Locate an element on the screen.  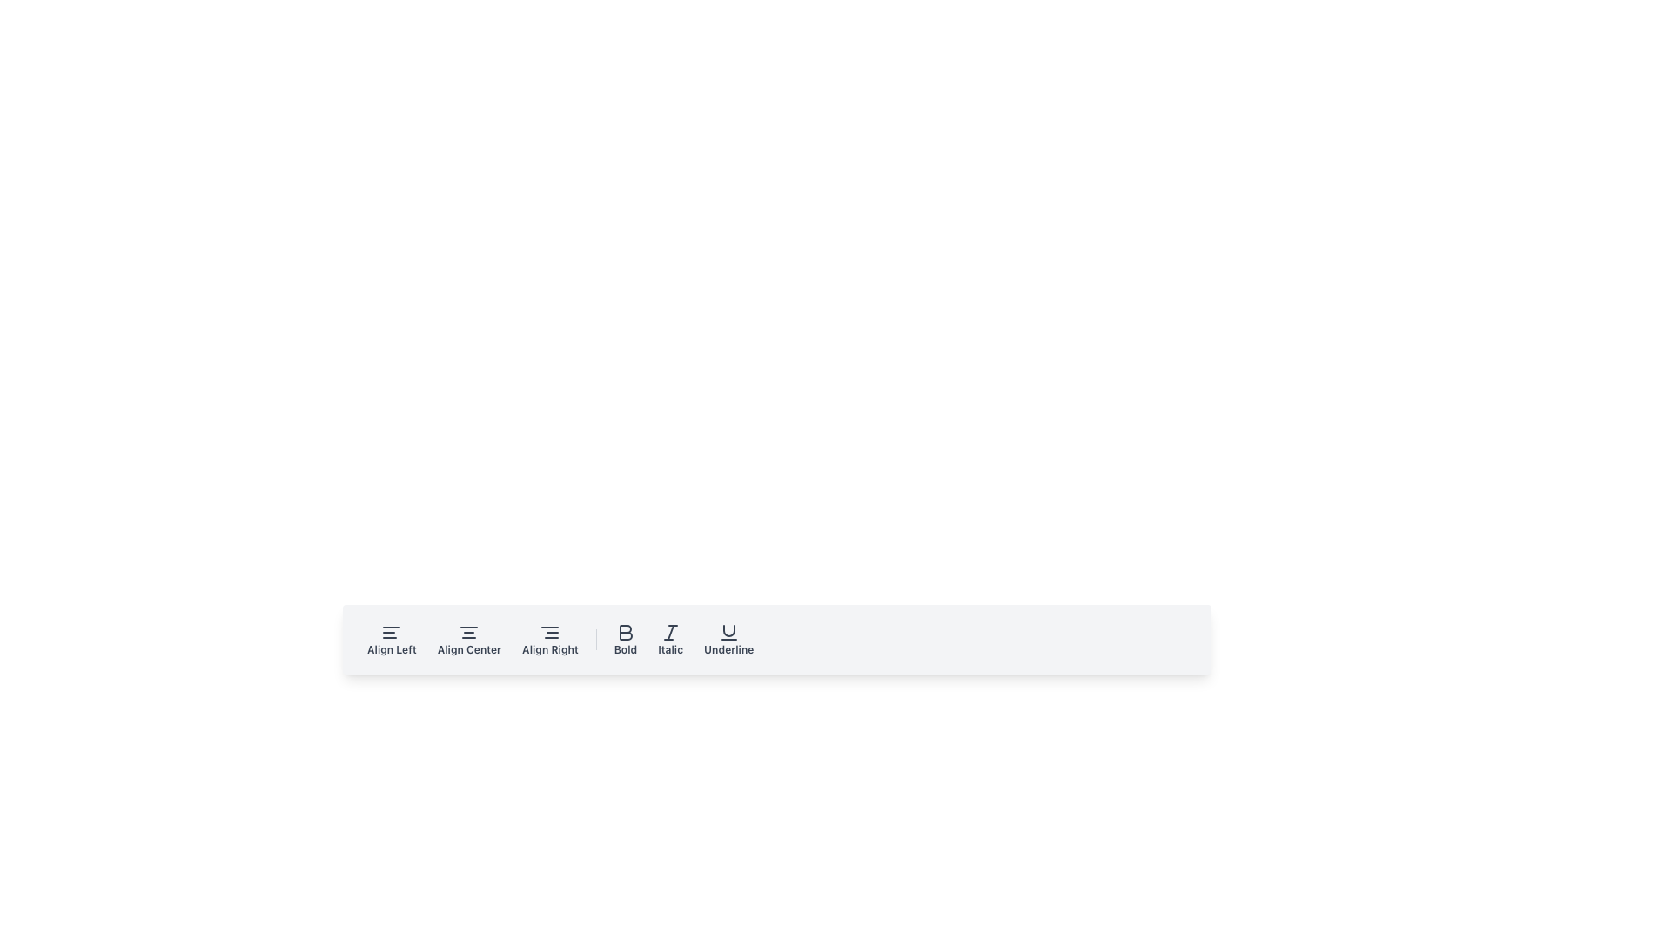
the 'Align Right' button in the toolbar is located at coordinates (549, 640).